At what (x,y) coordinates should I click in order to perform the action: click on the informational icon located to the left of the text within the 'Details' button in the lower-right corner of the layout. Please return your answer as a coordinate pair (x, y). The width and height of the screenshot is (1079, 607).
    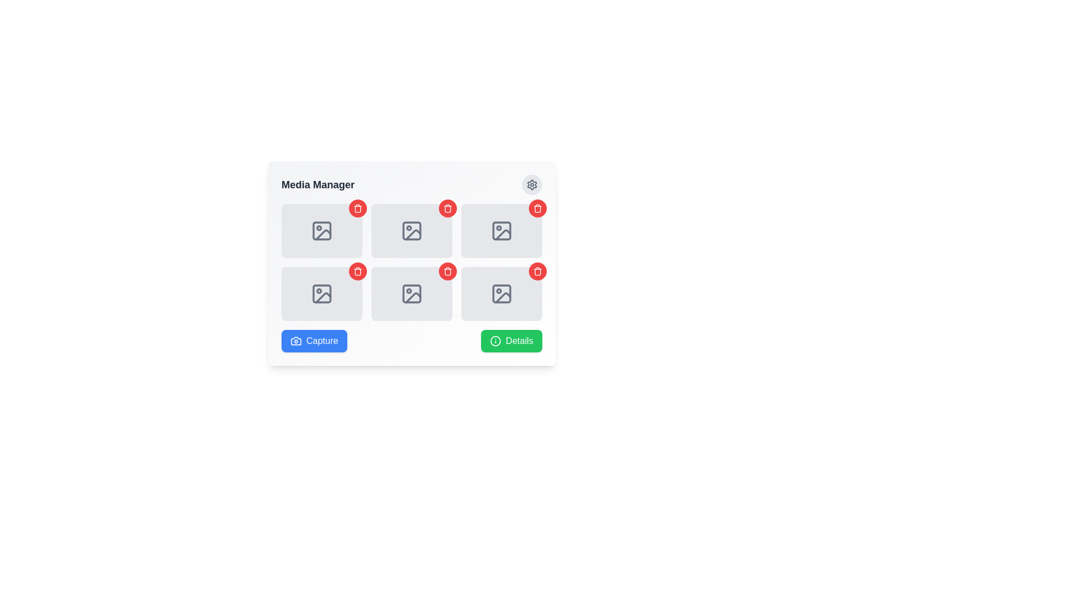
    Looking at the image, I should click on (495, 340).